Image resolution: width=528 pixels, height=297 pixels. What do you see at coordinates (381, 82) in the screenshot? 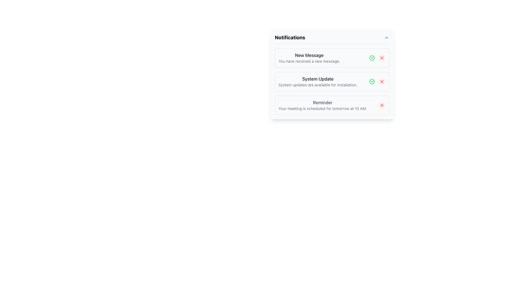
I see `the red cross icon aligned to the right of the 'System Update' notification` at bounding box center [381, 82].